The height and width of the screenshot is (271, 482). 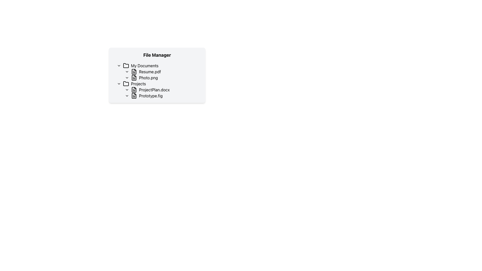 I want to click on the file icon representing 'ProjectPlan.docx' in the 'Projects' folder, so click(x=134, y=90).